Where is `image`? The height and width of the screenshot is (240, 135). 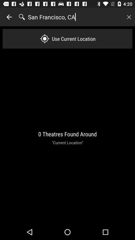 image is located at coordinates (129, 17).